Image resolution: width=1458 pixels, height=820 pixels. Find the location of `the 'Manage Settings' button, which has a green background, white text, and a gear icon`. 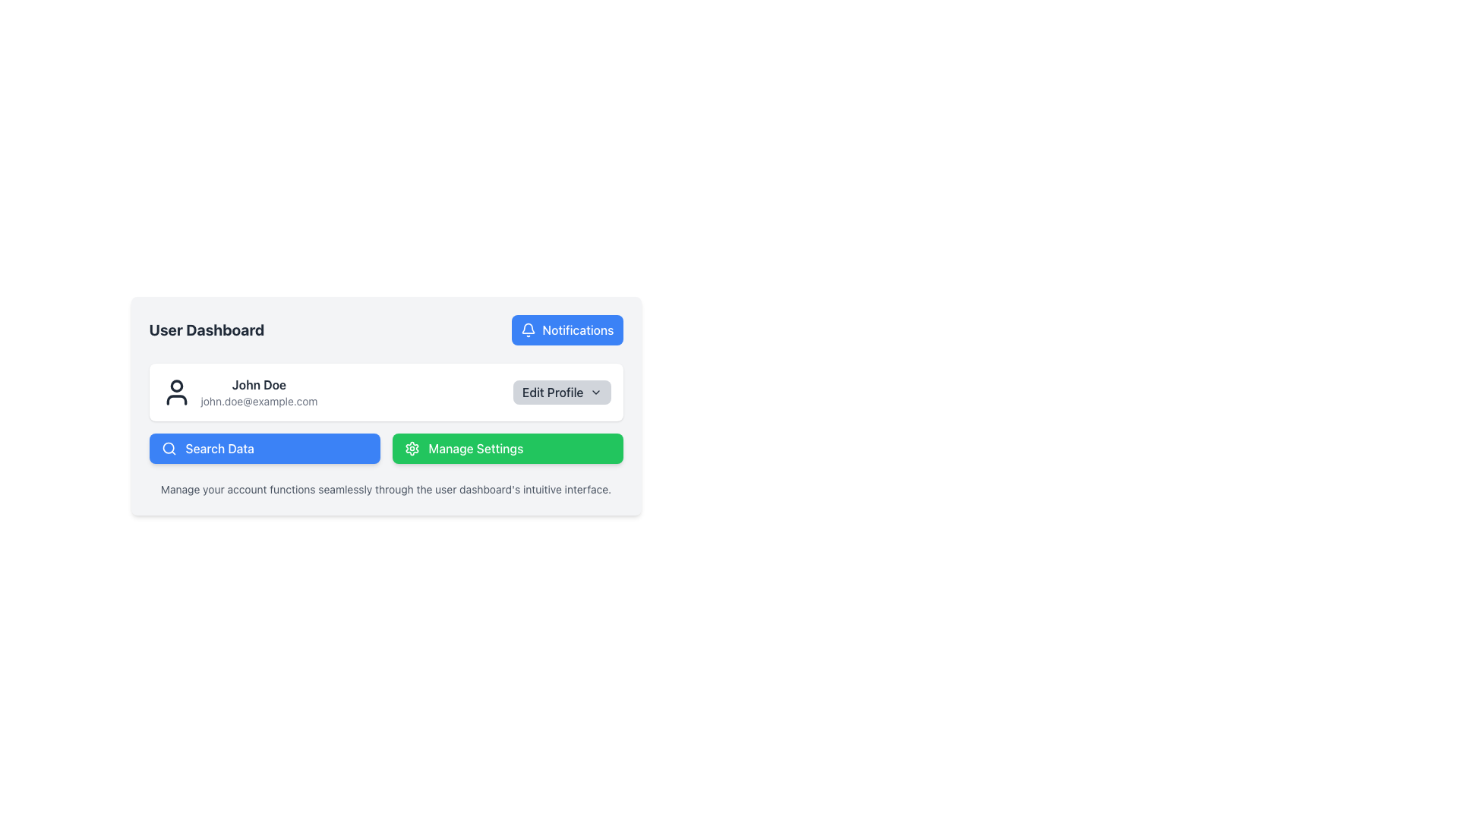

the 'Manage Settings' button, which has a green background, white text, and a gear icon is located at coordinates (507, 447).